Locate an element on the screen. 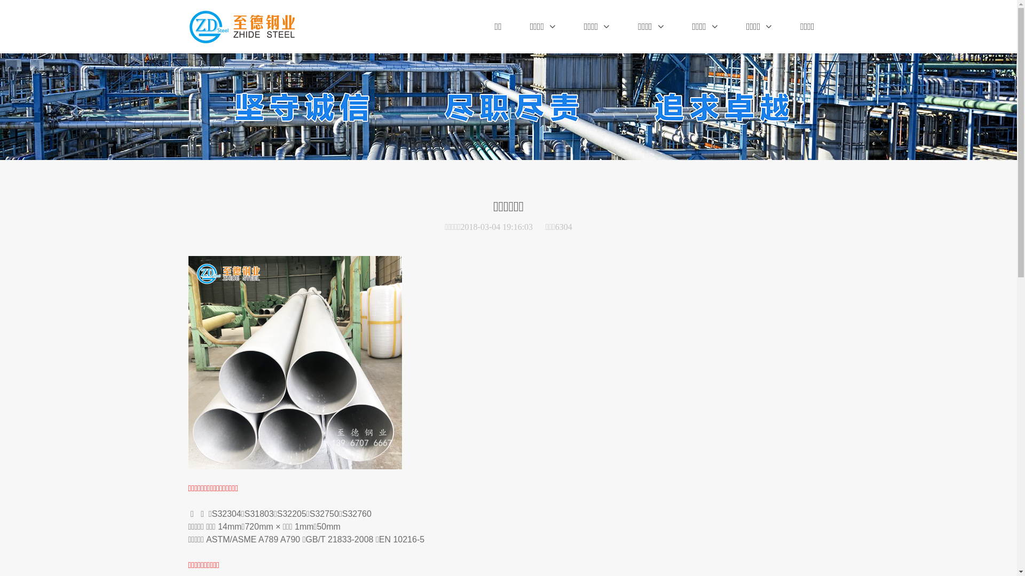 The height and width of the screenshot is (576, 1025). '04.jpg' is located at coordinates (295, 362).